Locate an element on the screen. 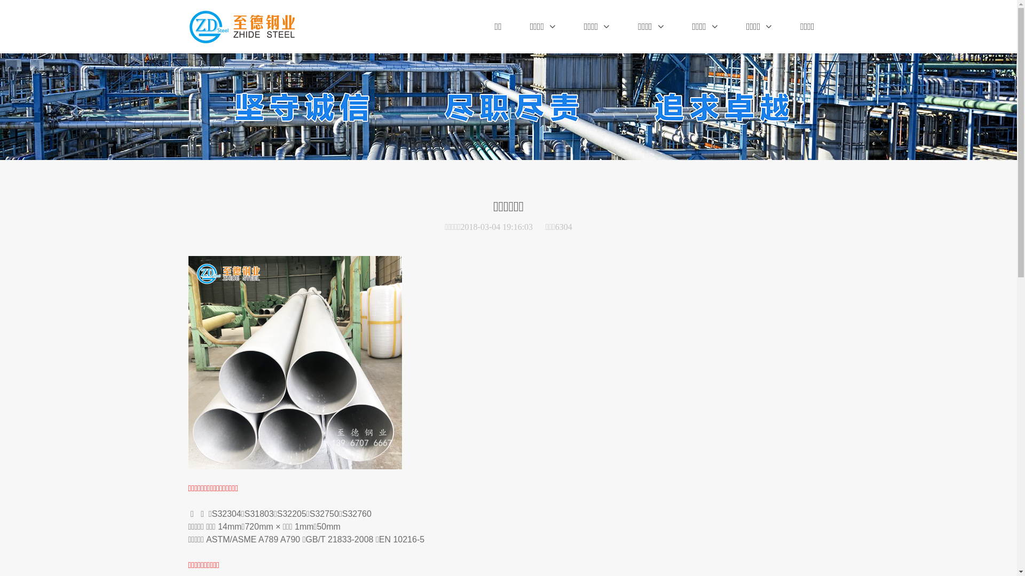 The height and width of the screenshot is (576, 1025). '04.jpg' is located at coordinates (295, 362).